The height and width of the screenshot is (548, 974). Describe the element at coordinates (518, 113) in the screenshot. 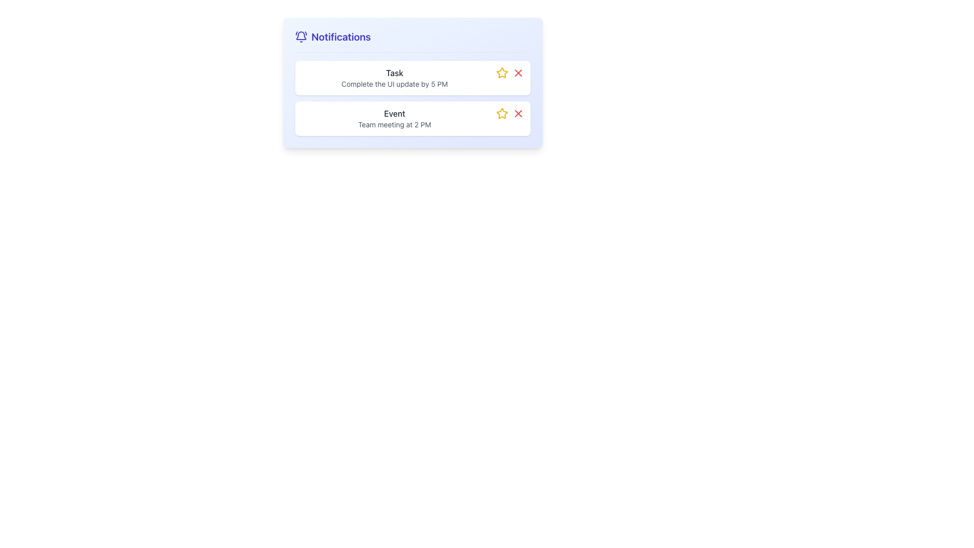

I see `the dismiss icon button located on the far right of the notification entry for 'Event: Team meeting at 2 PM', adjacent to a yellow star icon` at that location.